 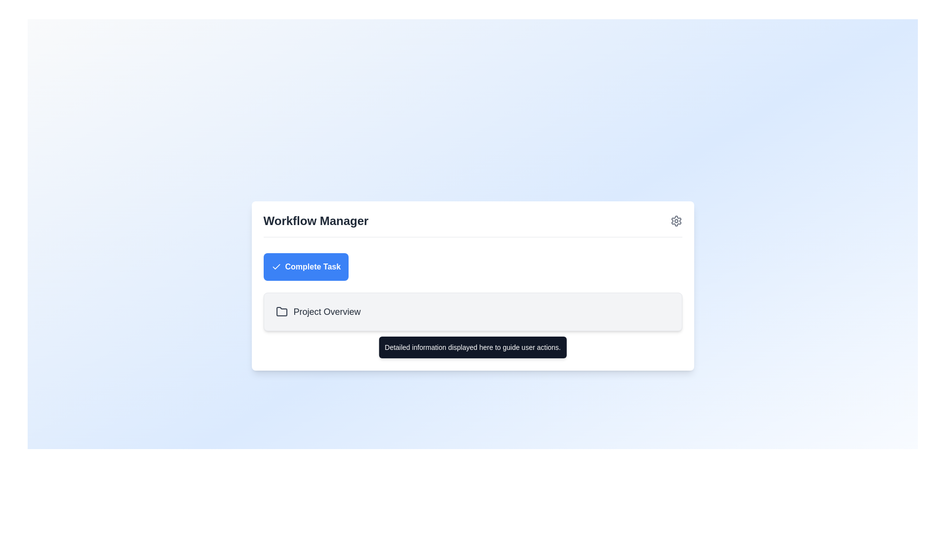 What do you see at coordinates (675, 220) in the screenshot?
I see `the settings icon, which is a gray gear located to the far right of the 'Workflow Manager' header` at bounding box center [675, 220].